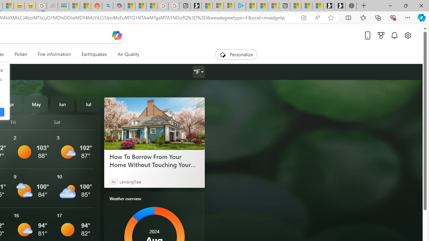 The height and width of the screenshot is (241, 429). I want to click on 'Play Free Online Games | Games from Microsoft Start', so click(340, 6).